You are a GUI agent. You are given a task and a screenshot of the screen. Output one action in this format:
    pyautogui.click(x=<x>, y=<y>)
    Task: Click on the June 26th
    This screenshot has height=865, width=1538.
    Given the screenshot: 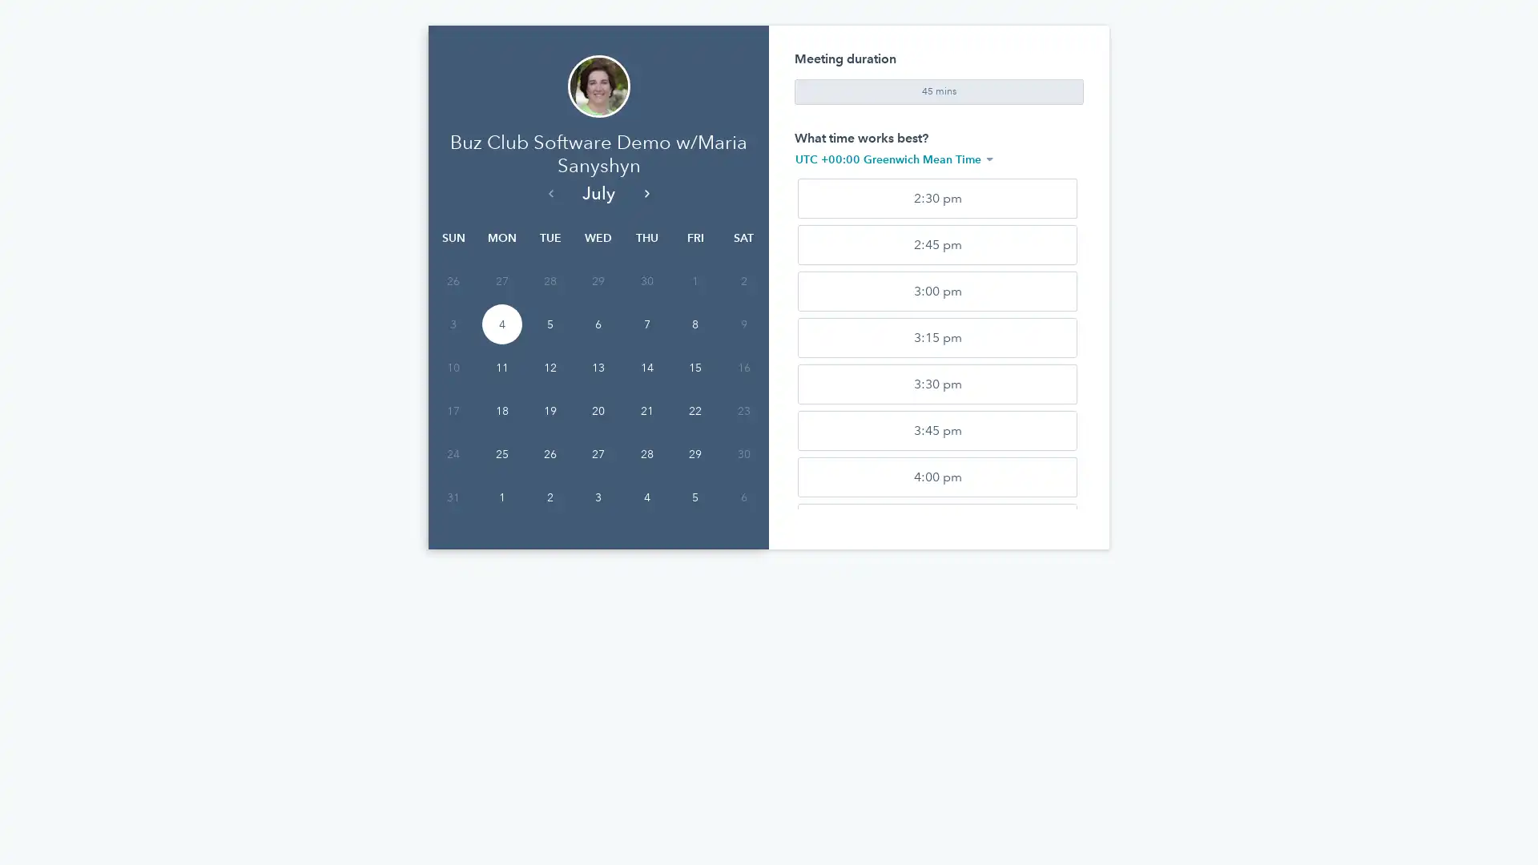 What is the action you would take?
    pyautogui.click(x=453, y=341)
    